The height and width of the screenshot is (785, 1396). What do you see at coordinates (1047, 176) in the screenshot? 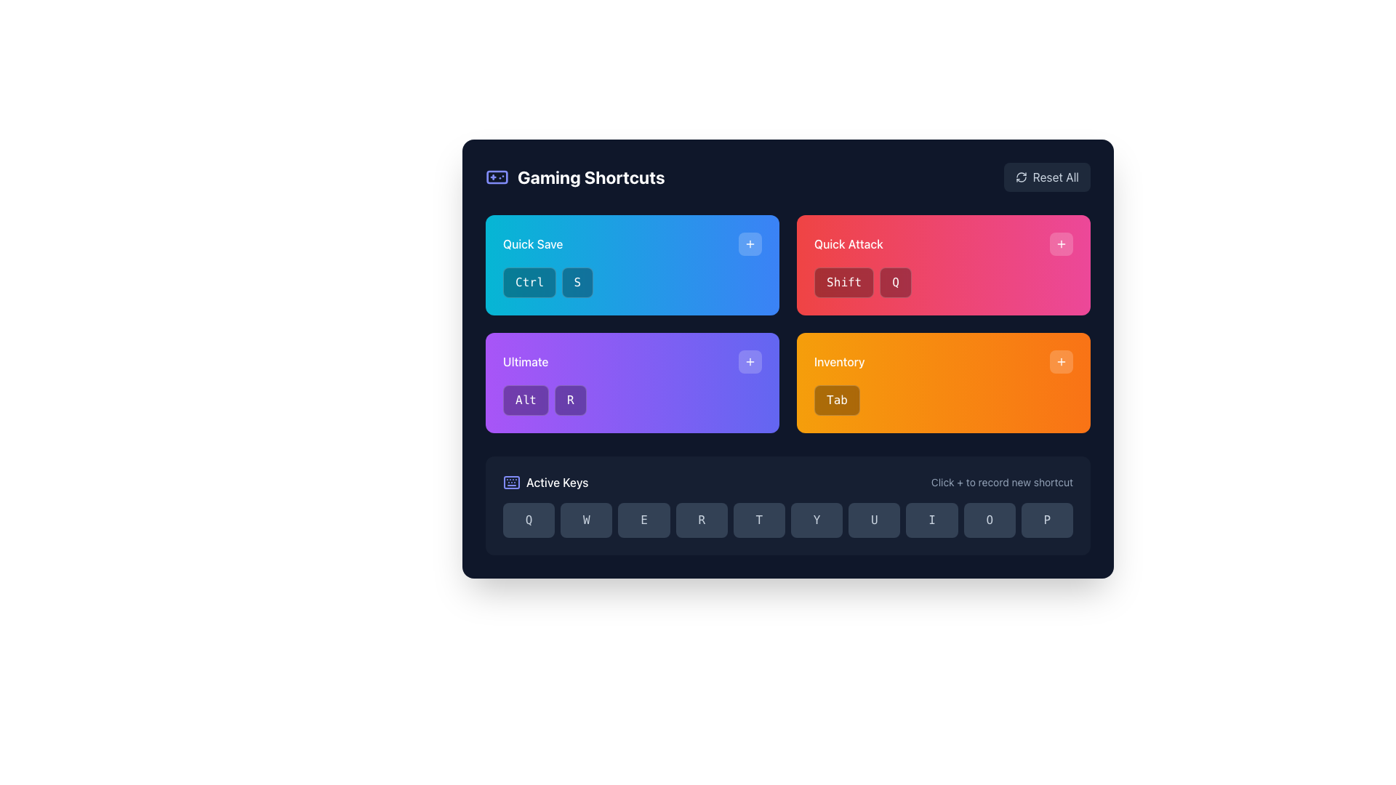
I see `the reset settings button located in the top-right corner adjacent to the 'Gaming Shortcuts' heading` at bounding box center [1047, 176].